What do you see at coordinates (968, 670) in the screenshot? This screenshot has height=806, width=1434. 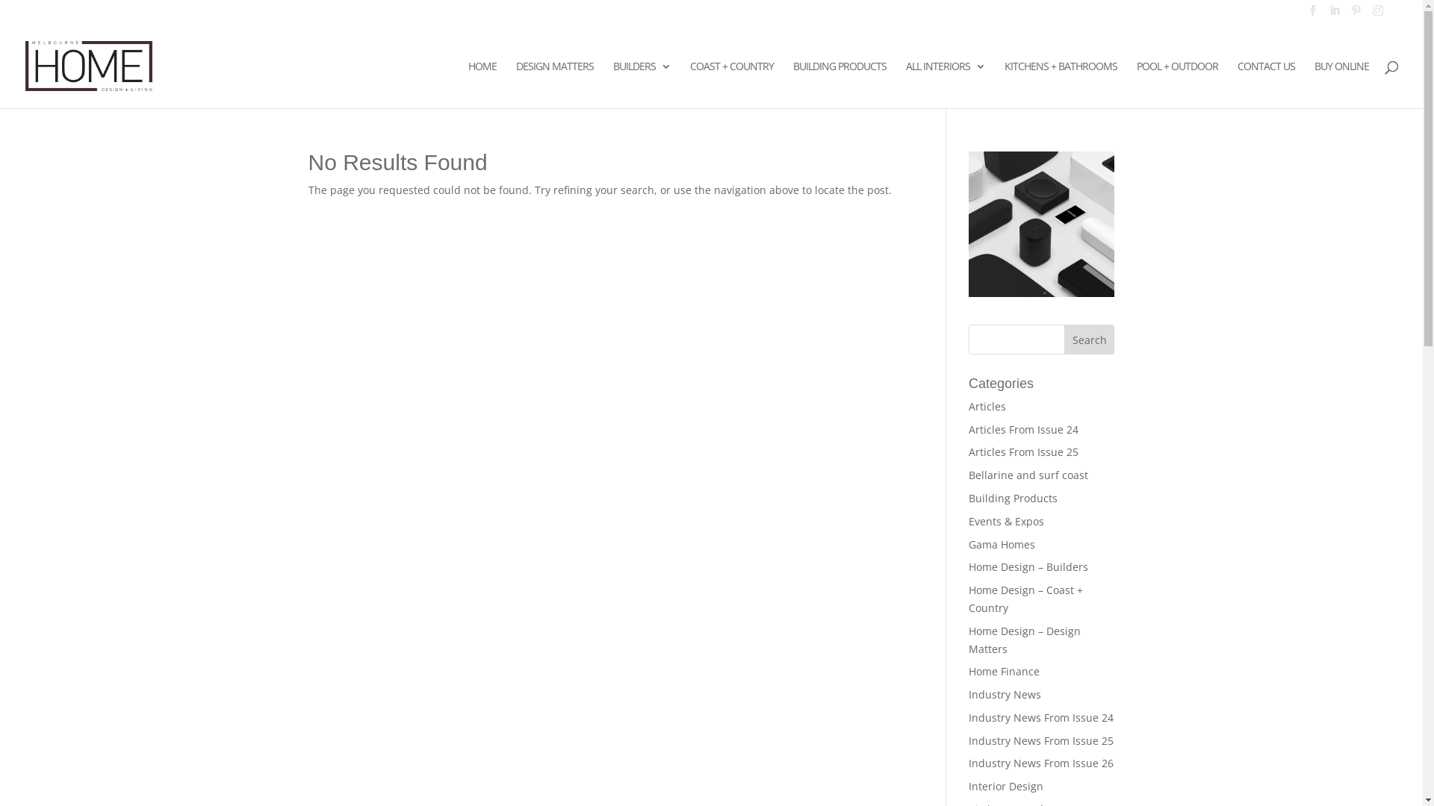 I see `'Home Finance'` at bounding box center [968, 670].